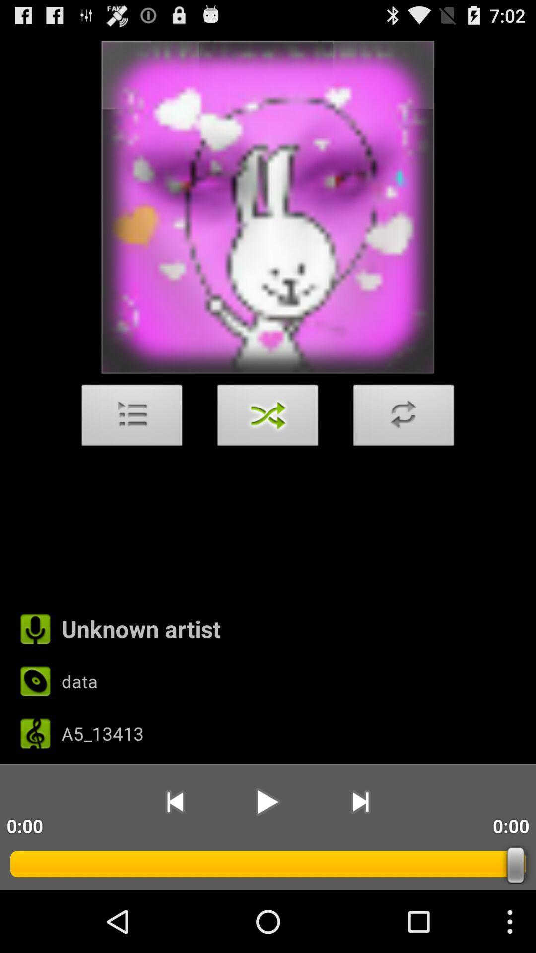 The image size is (536, 953). What do you see at coordinates (268, 447) in the screenshot?
I see `the close icon` at bounding box center [268, 447].